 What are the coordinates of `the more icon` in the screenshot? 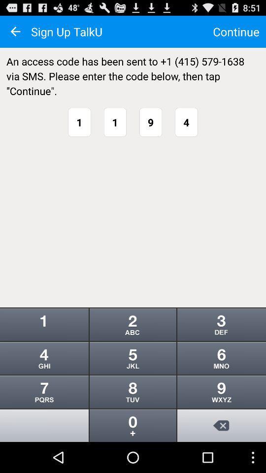 It's located at (221, 347).